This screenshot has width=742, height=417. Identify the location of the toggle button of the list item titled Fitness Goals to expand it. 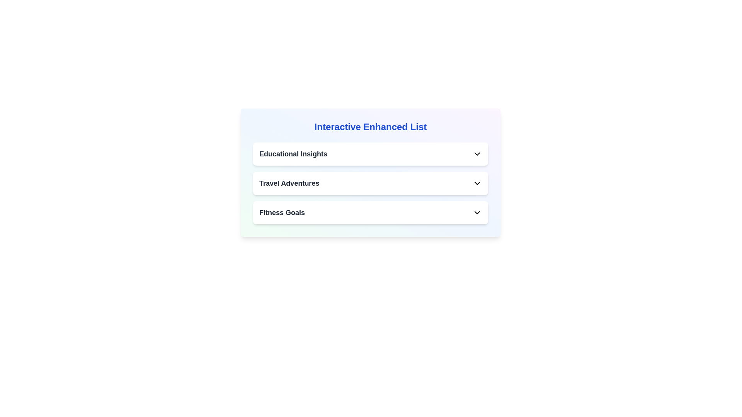
(477, 213).